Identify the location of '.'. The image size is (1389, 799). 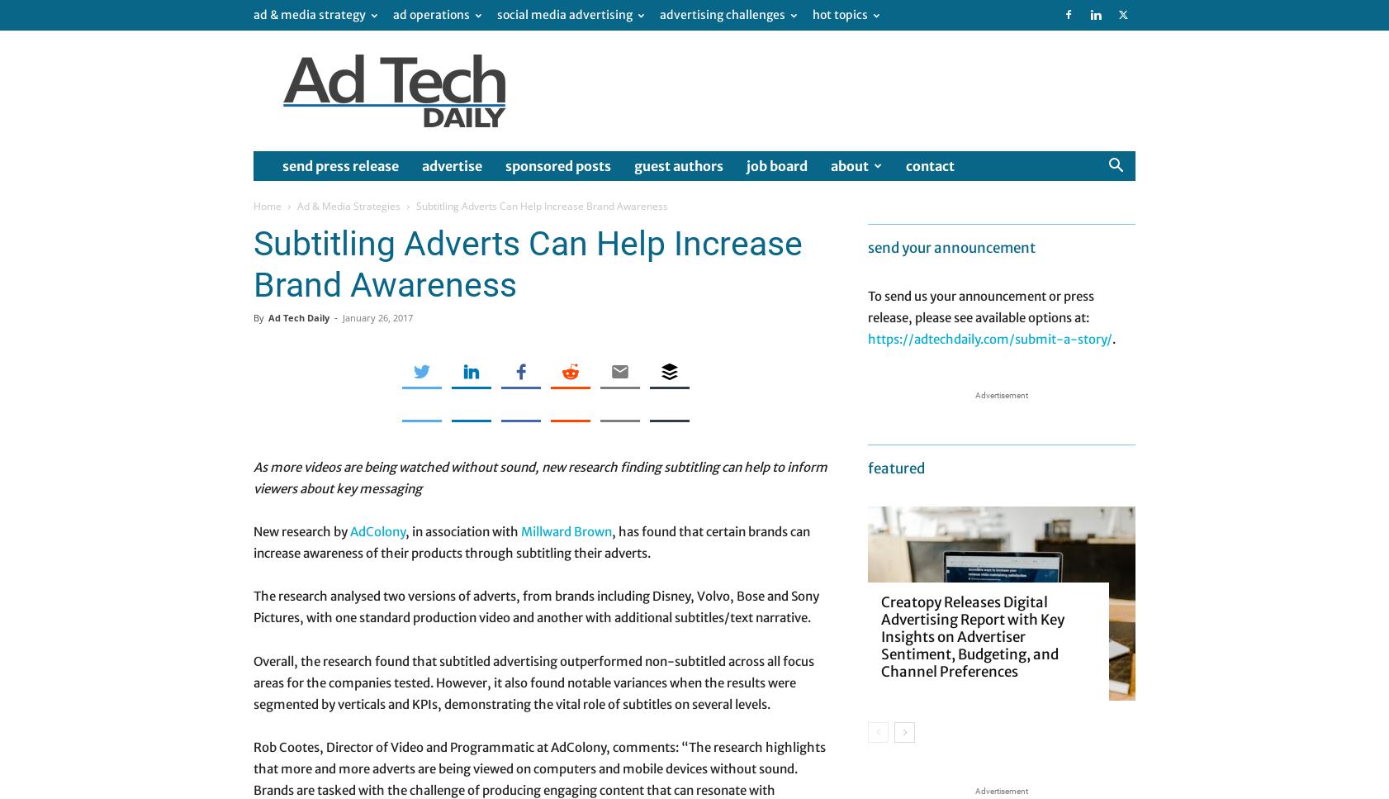
(1113, 338).